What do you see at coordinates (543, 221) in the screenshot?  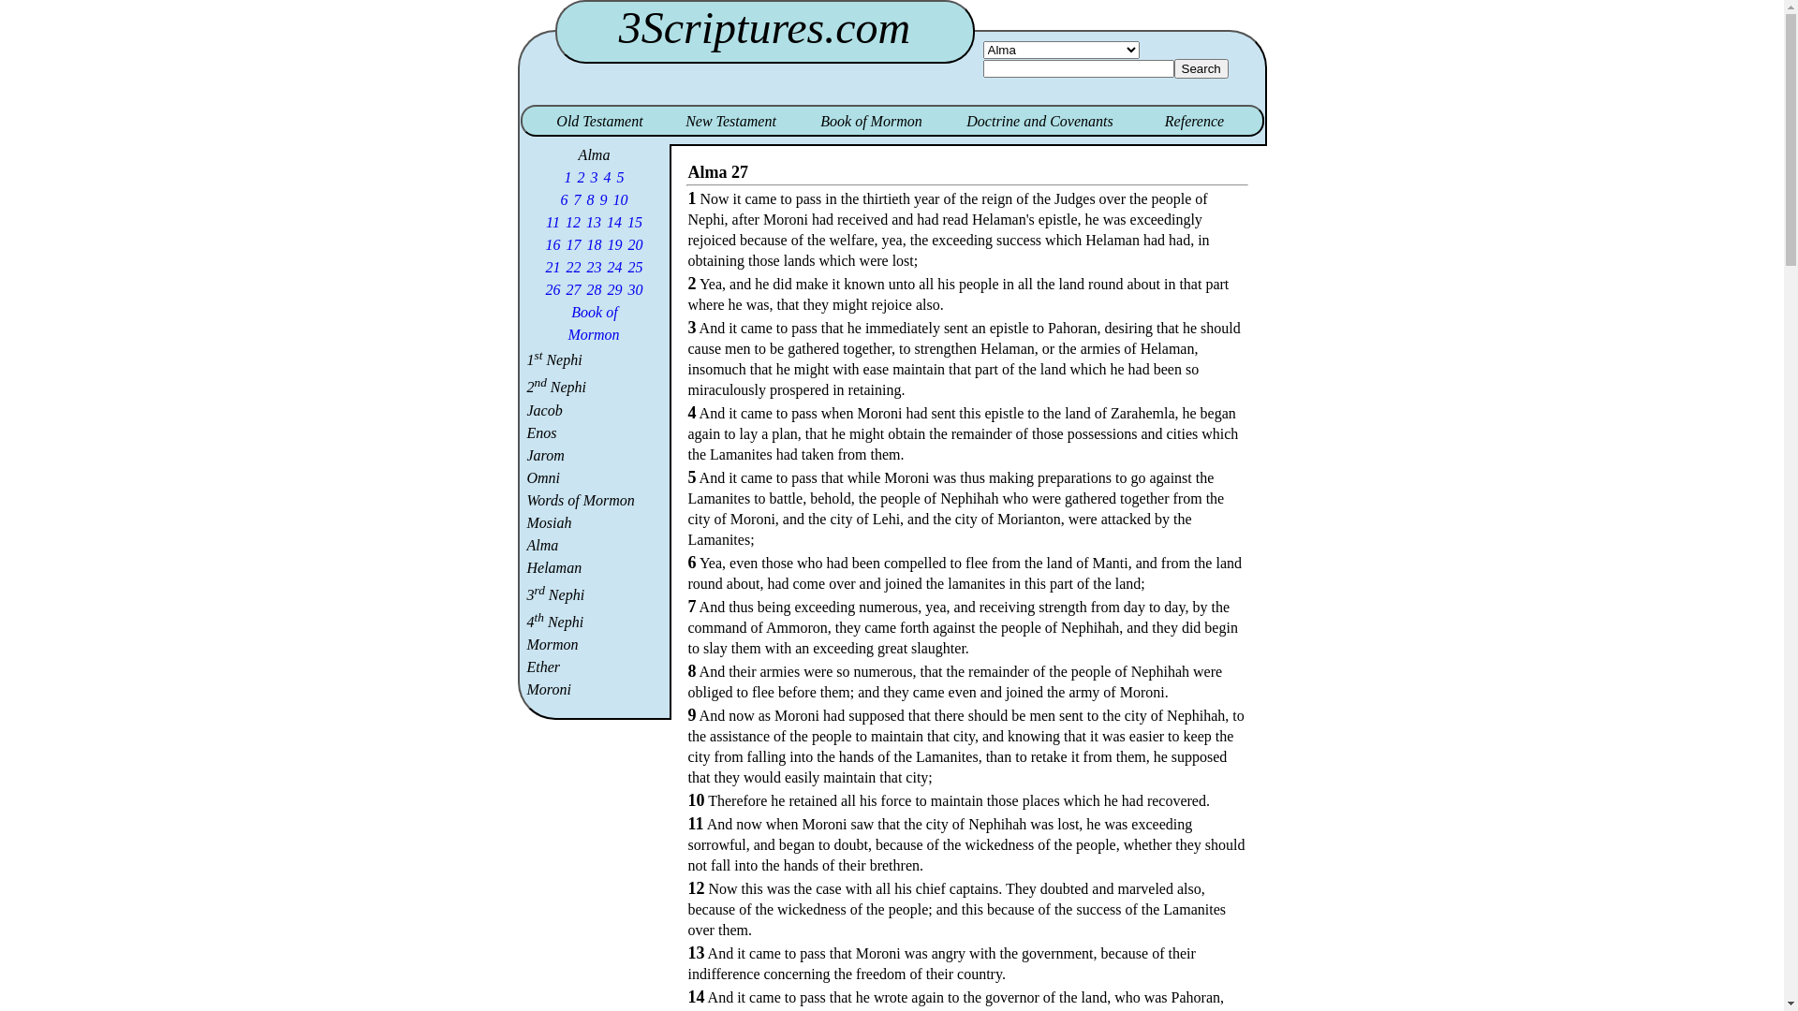 I see `'11'` at bounding box center [543, 221].